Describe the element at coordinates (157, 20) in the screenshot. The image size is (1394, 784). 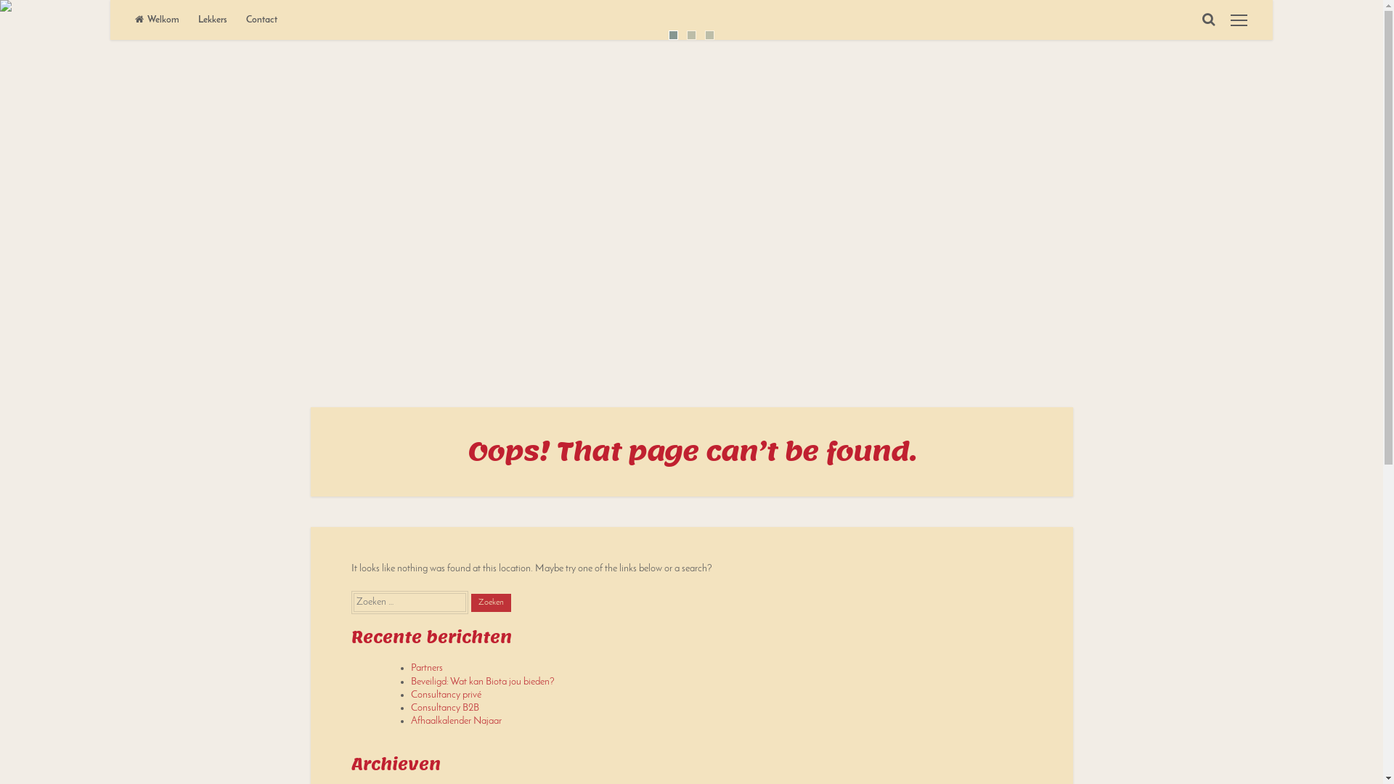
I see `'Welkom'` at that location.